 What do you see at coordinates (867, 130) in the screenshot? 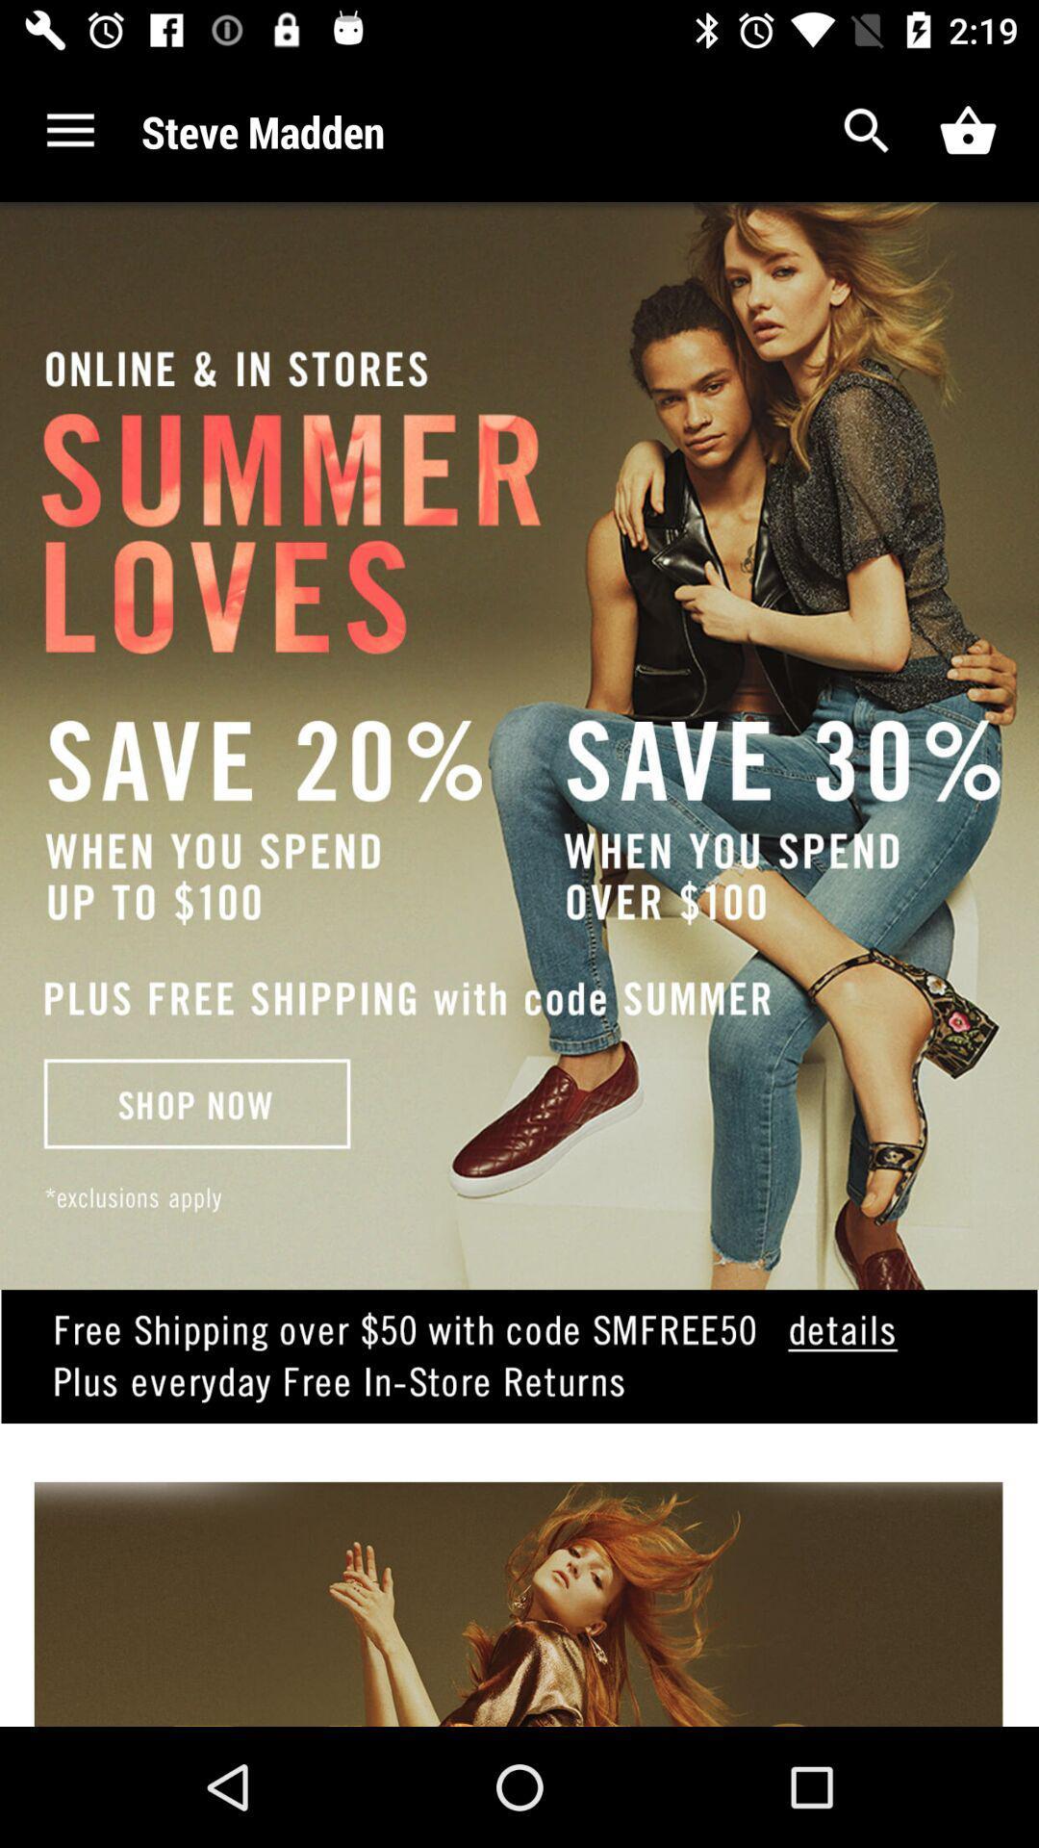
I see `search icon` at bounding box center [867, 130].